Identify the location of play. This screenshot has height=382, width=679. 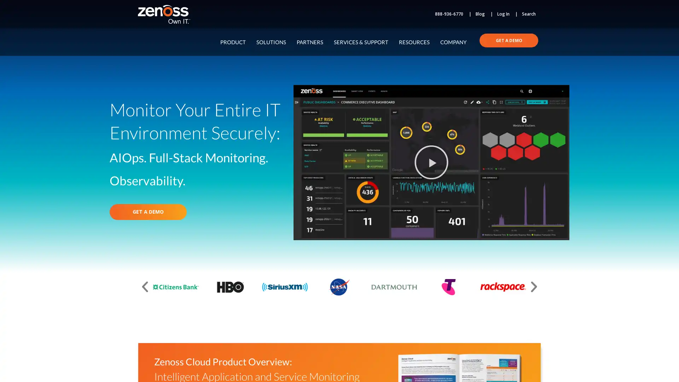
(302, 206).